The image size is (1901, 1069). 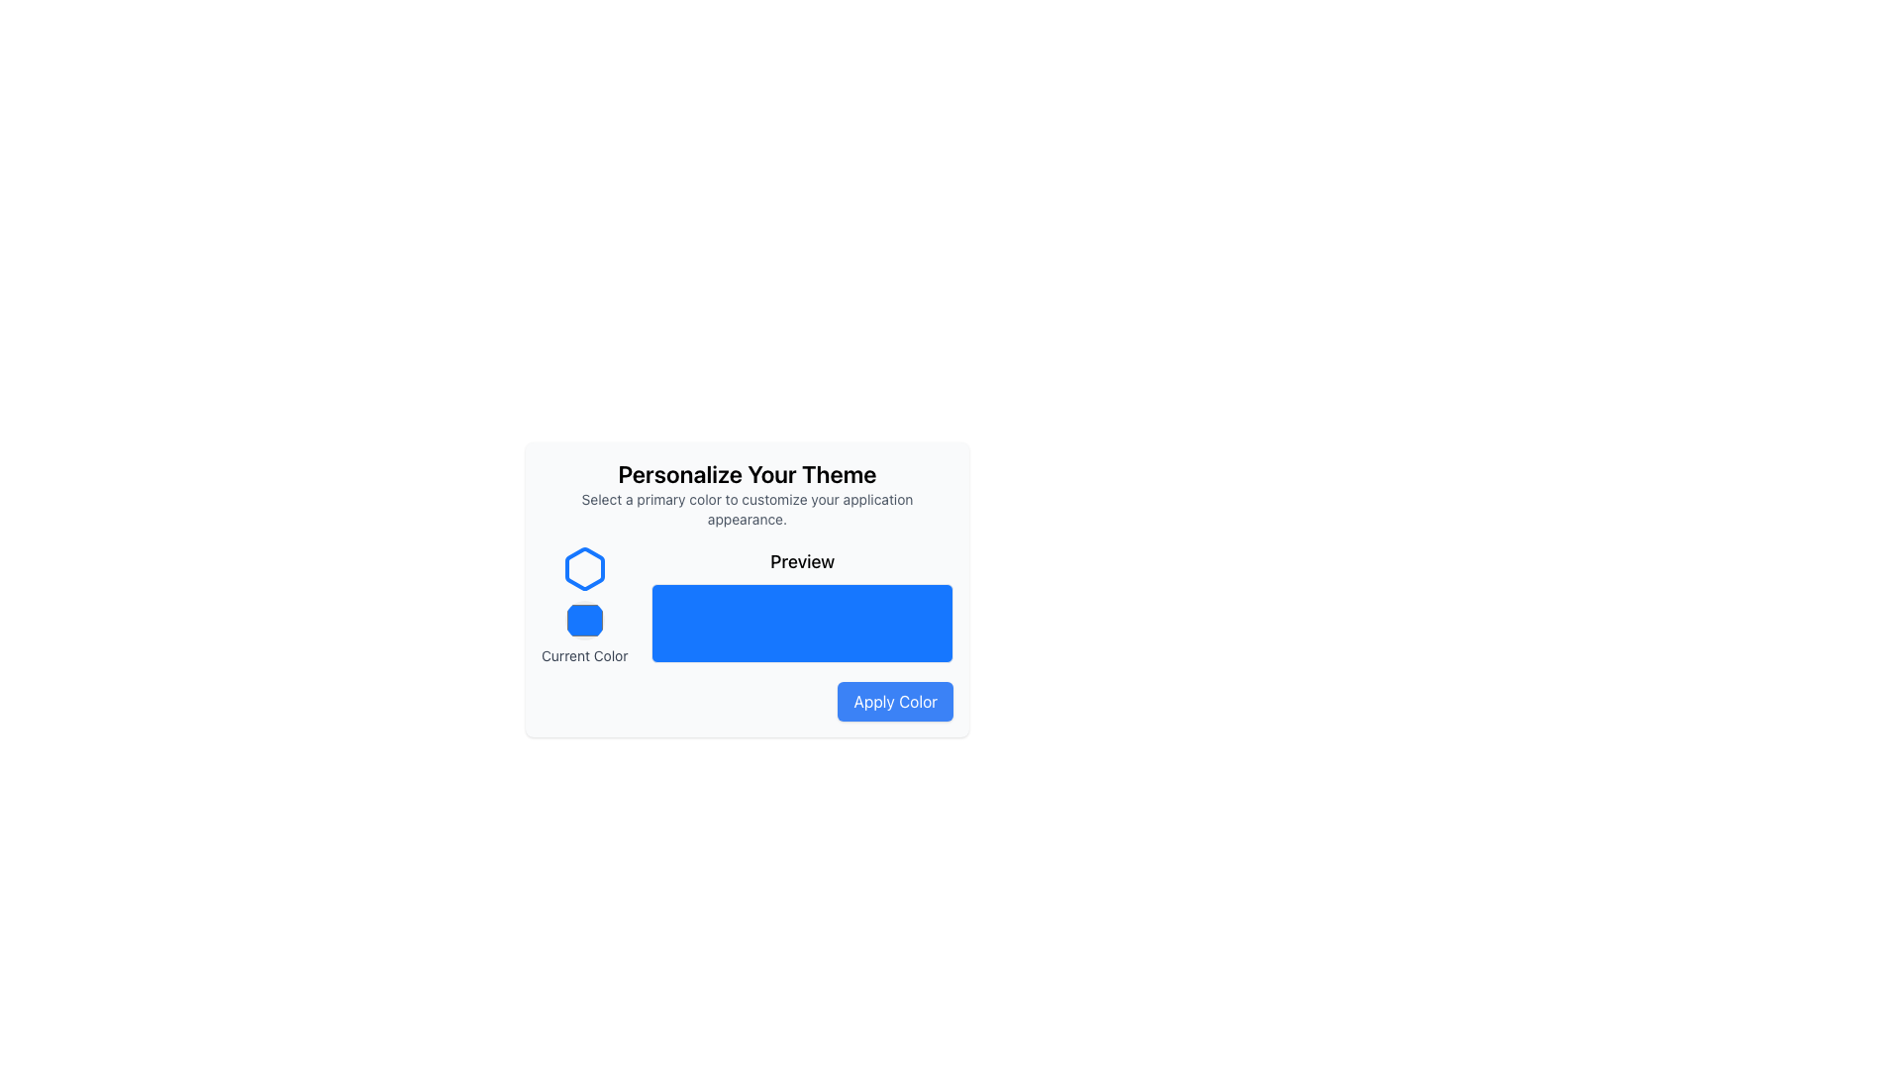 I want to click on label located centrally in the 'Personalize Your Theme' section, which indicates the preview area for the user's selected theme, so click(x=802, y=561).